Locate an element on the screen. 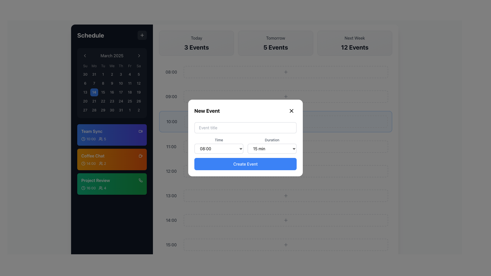 The image size is (491, 276). the static text label indicating the time slot 15:00 in the daily view of the calendar interface is located at coordinates (171, 244).